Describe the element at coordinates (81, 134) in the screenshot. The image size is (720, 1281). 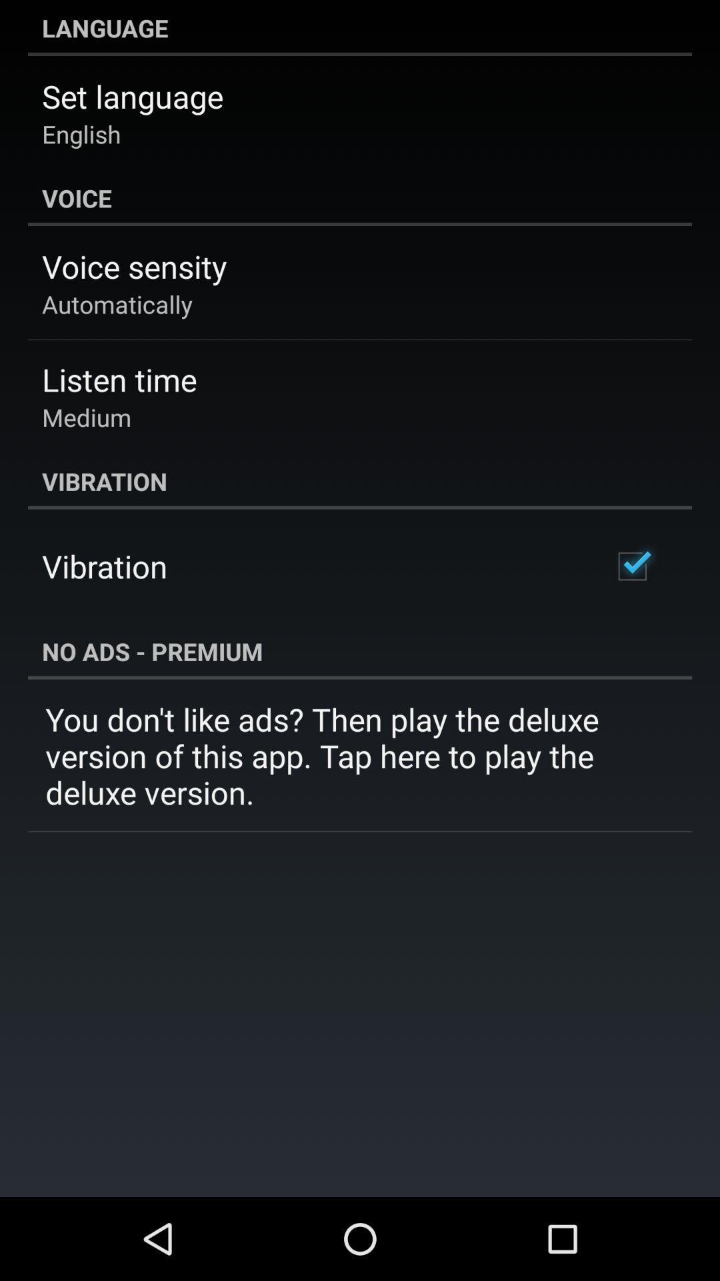
I see `icon above the voice` at that location.